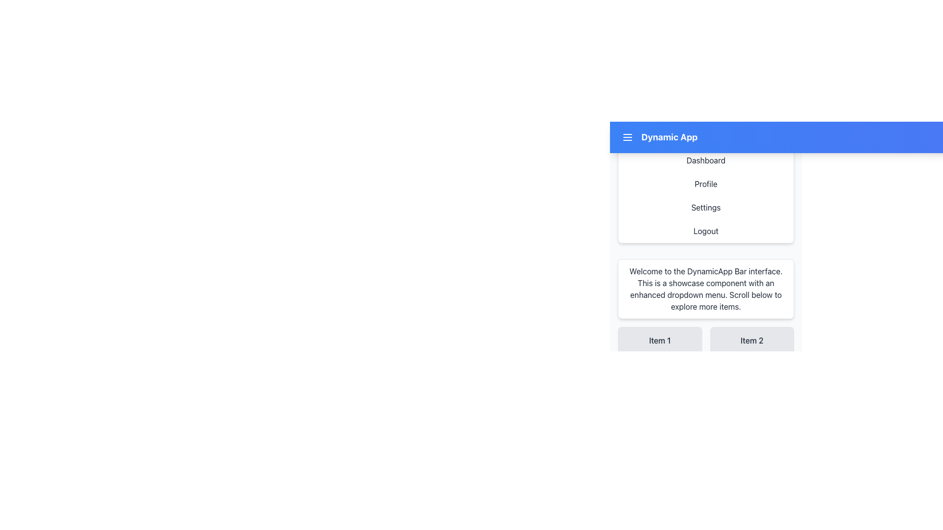  I want to click on the 'Profile' menu item, which is the second option in the dropdown menu containing 'Dashboard', 'Profile', 'Settings', and 'Logout', so click(705, 184).